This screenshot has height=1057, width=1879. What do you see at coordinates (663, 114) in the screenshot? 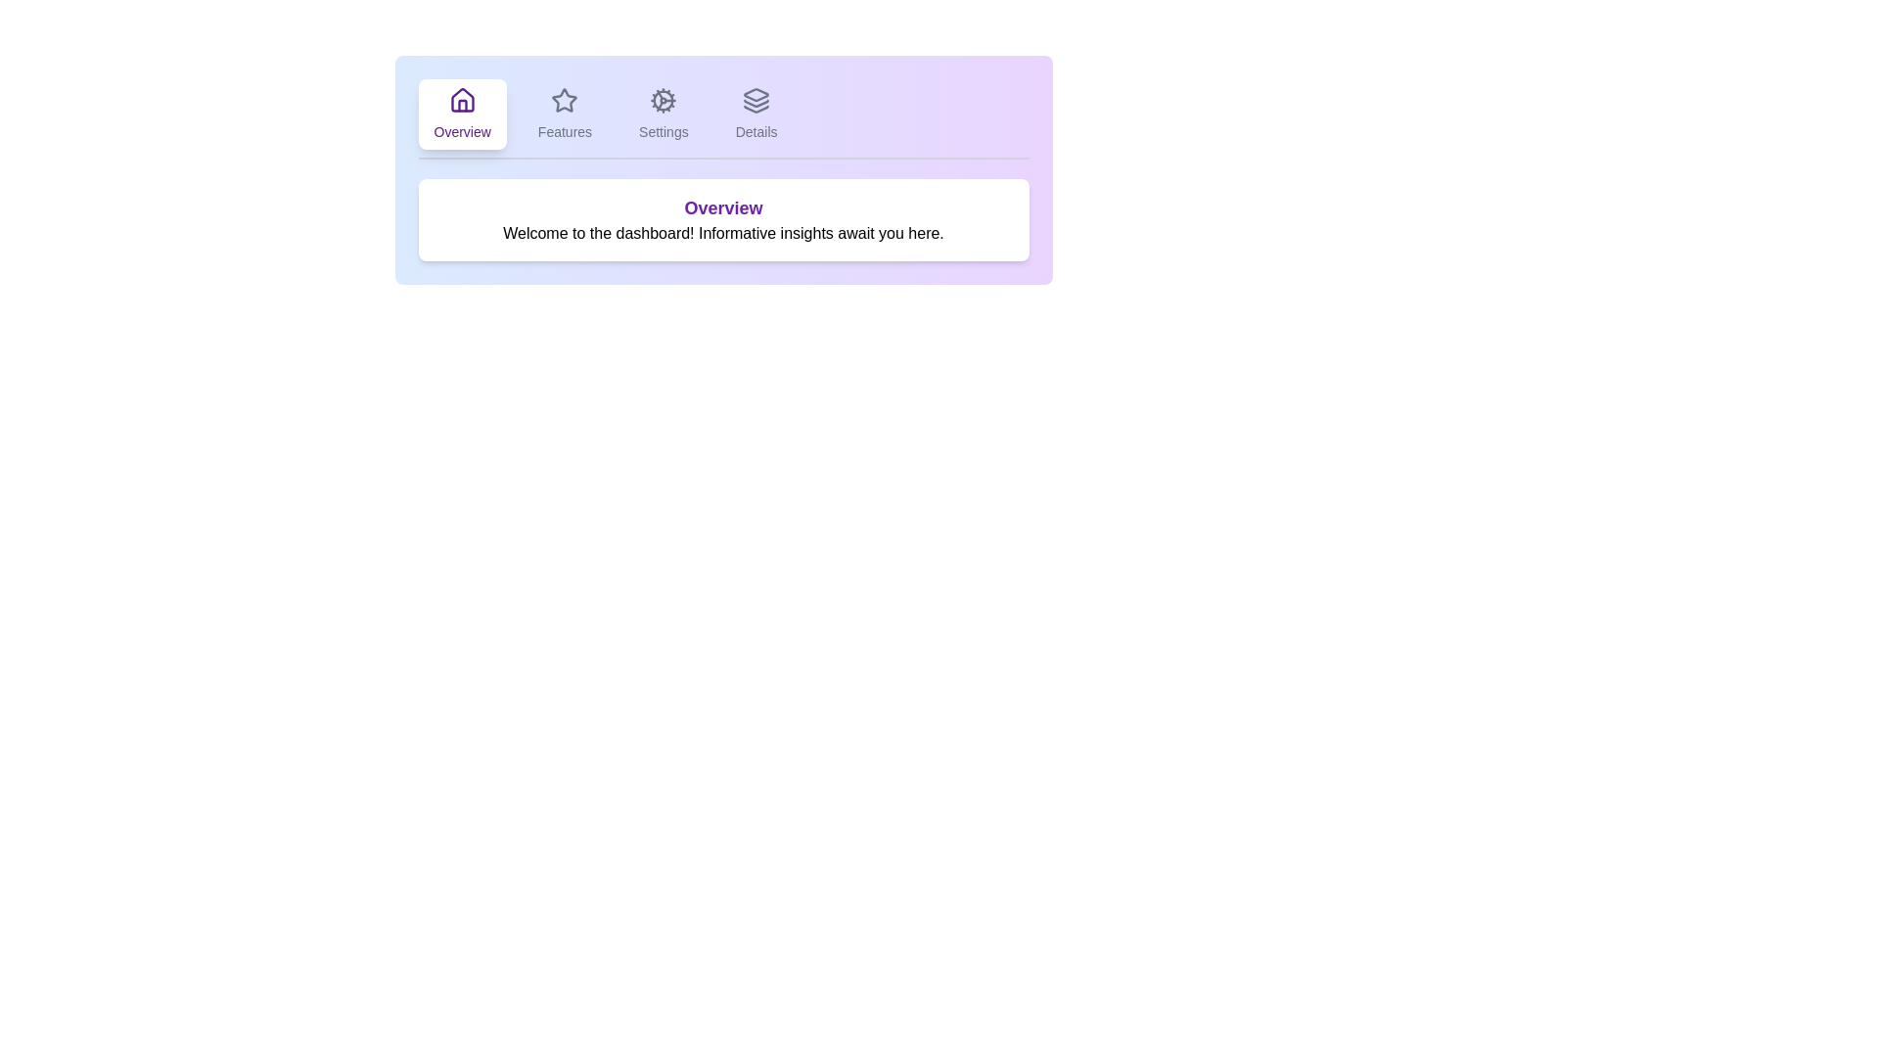
I see `the Settings tab by clicking on its label or icon` at bounding box center [663, 114].